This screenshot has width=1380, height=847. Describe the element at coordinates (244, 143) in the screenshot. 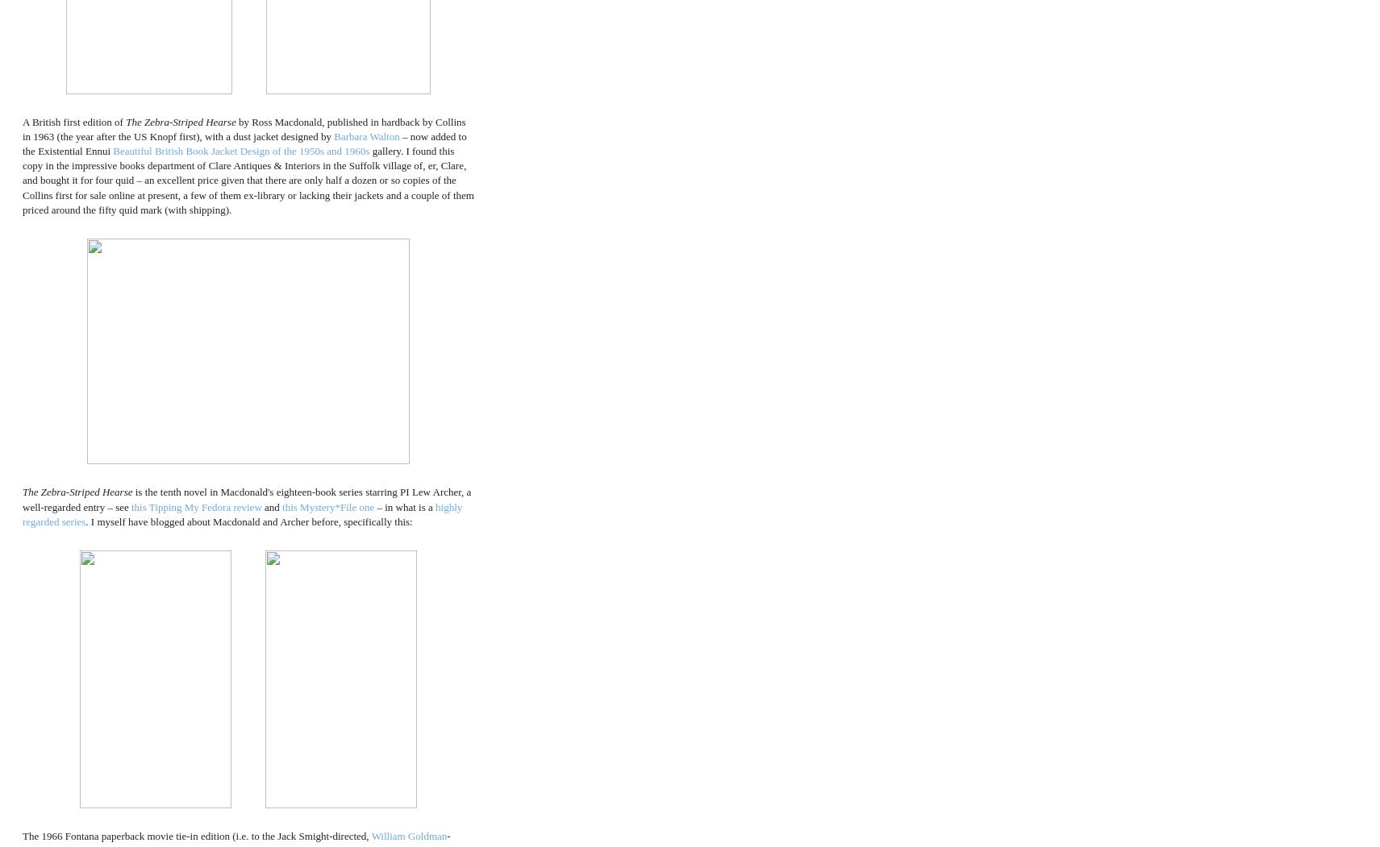

I see `'– now added to the Existential Ennui'` at that location.